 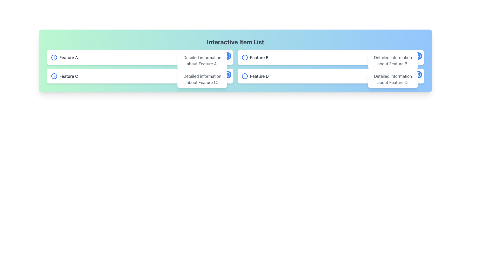 What do you see at coordinates (202, 79) in the screenshot?
I see `the tooltip that provides additional information about 'Feature C', which appears below and to the right of the associated icon` at bounding box center [202, 79].